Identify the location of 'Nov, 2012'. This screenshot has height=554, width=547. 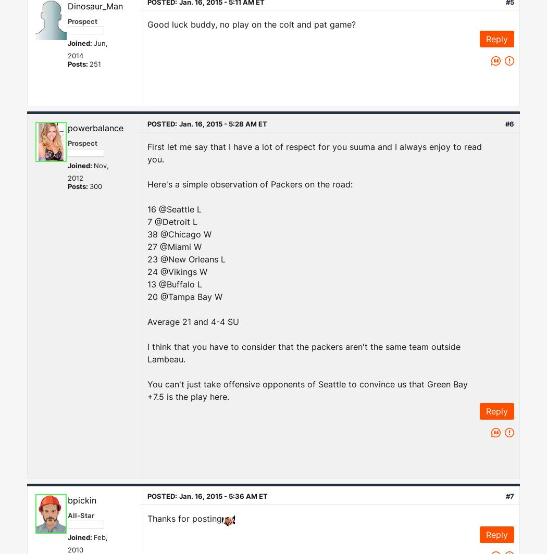
(88, 171).